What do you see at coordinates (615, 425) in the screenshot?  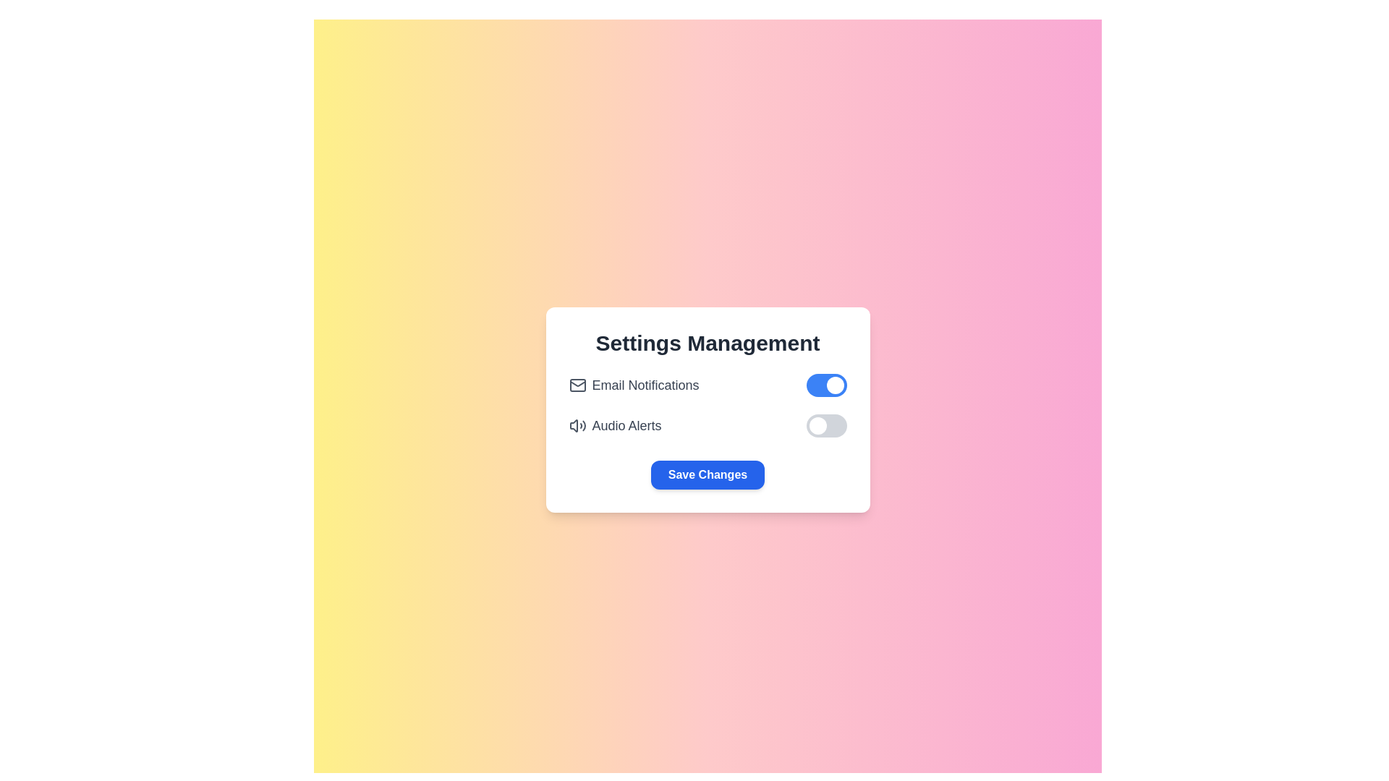 I see `the 'Audio Alerts' label with a speaker icon, which is located under 'Email Notifications' and aligned horizontally with a toggle switch` at bounding box center [615, 425].